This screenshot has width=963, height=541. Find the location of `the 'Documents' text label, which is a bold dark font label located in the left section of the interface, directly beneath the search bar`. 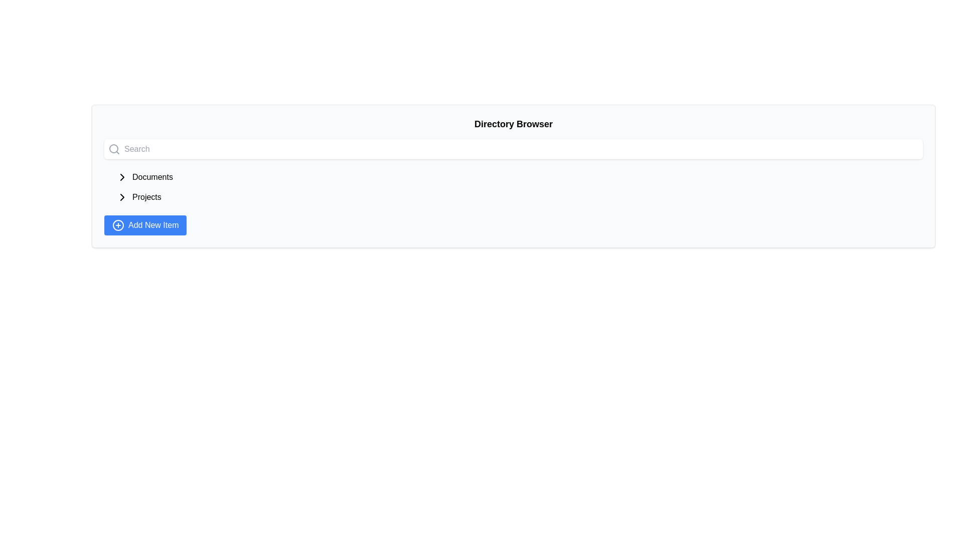

the 'Documents' text label, which is a bold dark font label located in the left section of the interface, directly beneath the search bar is located at coordinates (152, 177).